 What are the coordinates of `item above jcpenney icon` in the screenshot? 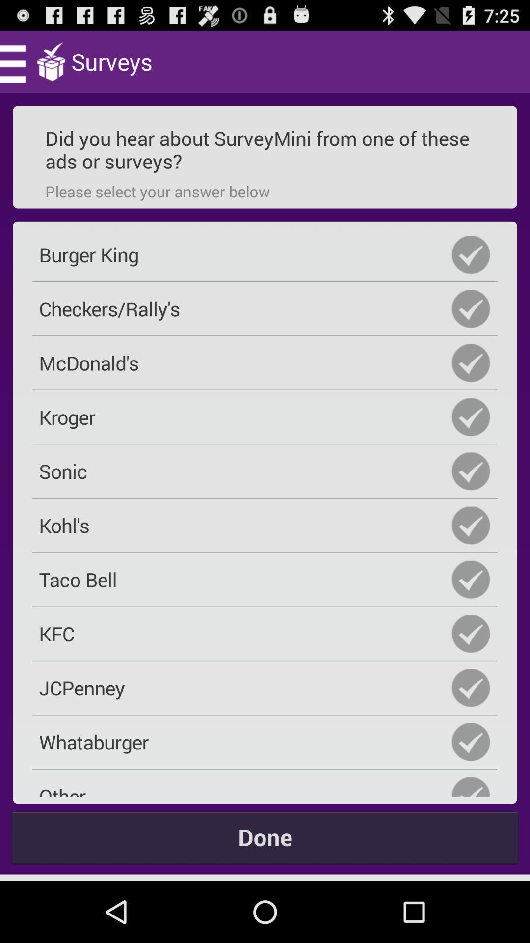 It's located at (265, 634).